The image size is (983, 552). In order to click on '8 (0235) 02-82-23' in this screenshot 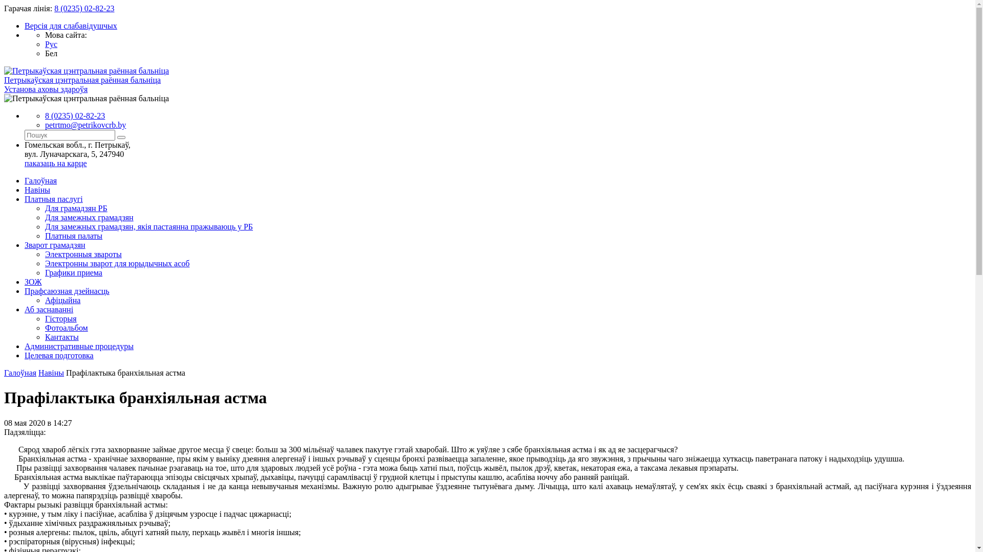, I will do `click(84, 8)`.